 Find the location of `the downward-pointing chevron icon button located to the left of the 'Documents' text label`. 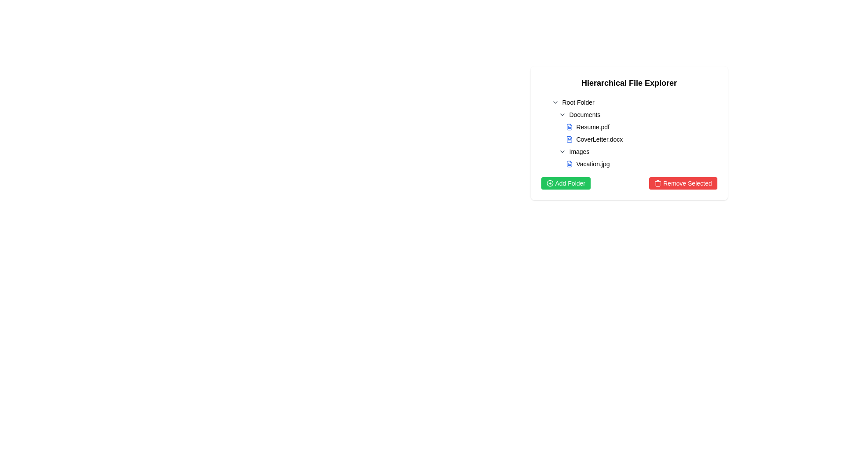

the downward-pointing chevron icon button located to the left of the 'Documents' text label is located at coordinates (562, 114).